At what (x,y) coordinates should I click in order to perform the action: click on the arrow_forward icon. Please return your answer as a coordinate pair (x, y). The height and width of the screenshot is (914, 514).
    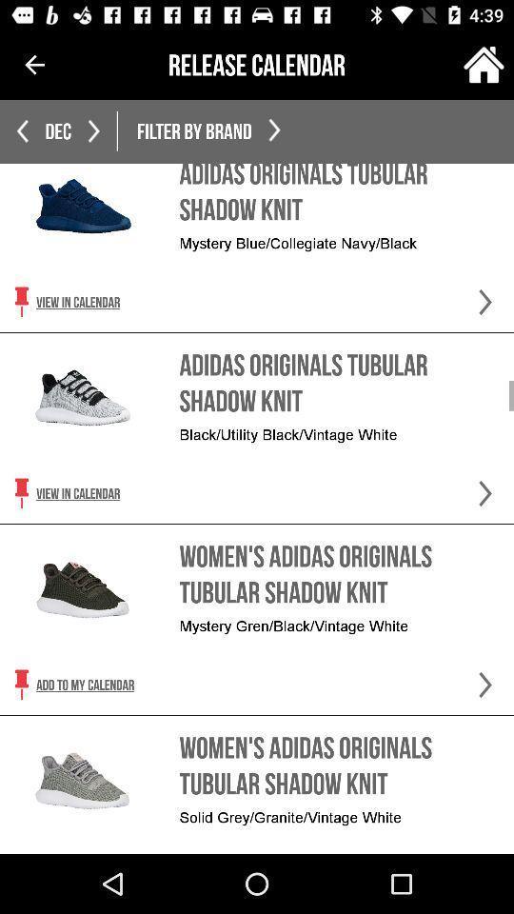
    Looking at the image, I should click on (92, 129).